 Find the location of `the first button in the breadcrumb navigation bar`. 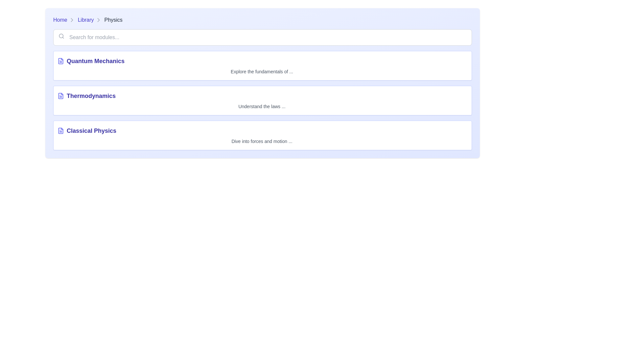

the first button in the breadcrumb navigation bar is located at coordinates (64, 20).